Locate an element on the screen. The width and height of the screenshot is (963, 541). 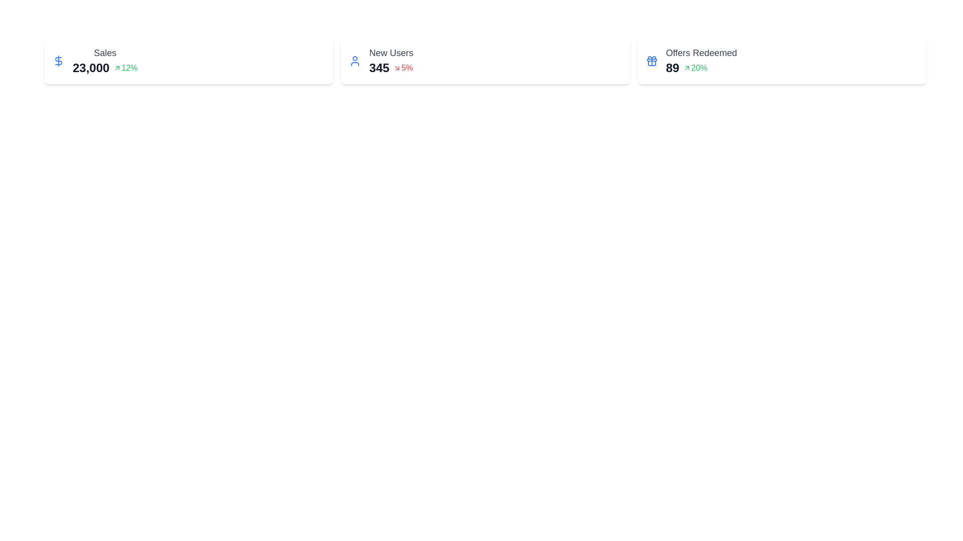
the decorative icon that symbolizes the category of 'Offers Redeemed', located at the top-left corner of the 'Offers Redeemed' card, next to the title text is located at coordinates (652, 61).